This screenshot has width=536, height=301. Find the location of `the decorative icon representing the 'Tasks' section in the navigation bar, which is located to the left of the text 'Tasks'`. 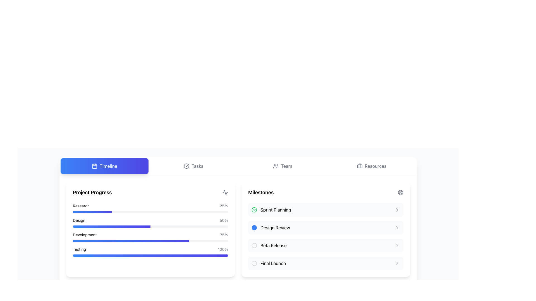

the decorative icon representing the 'Tasks' section in the navigation bar, which is located to the left of the text 'Tasks' is located at coordinates (186, 166).